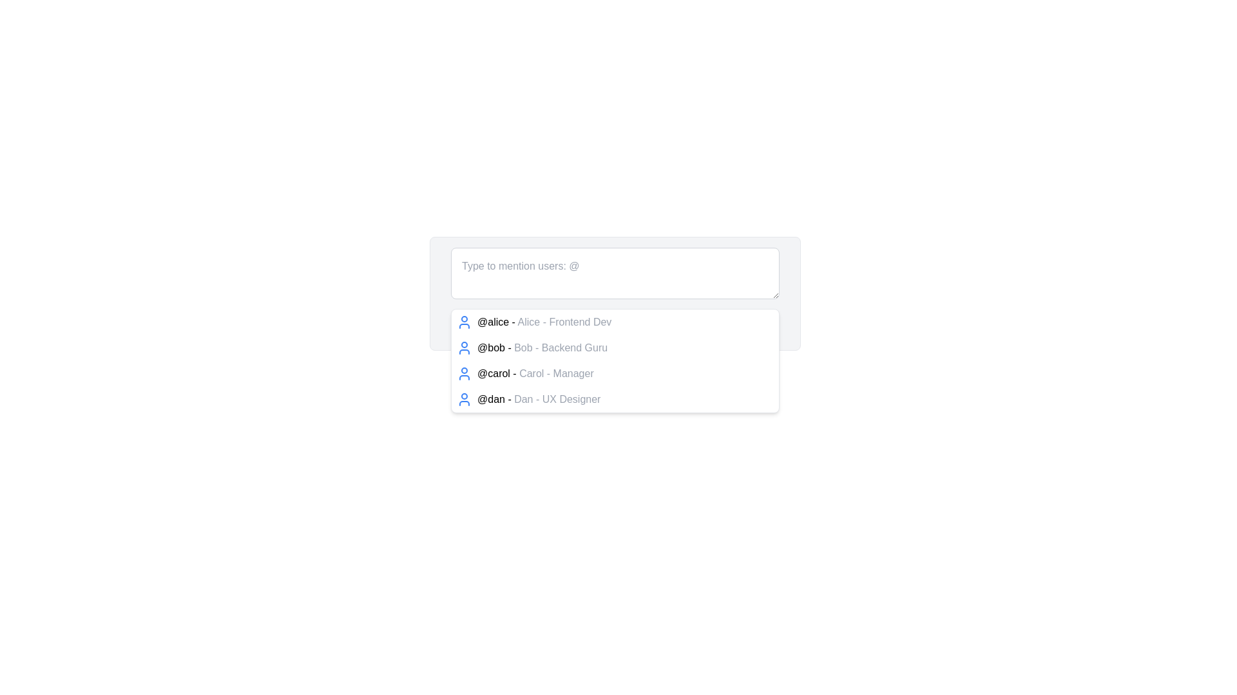 The width and height of the screenshot is (1237, 695). What do you see at coordinates (464, 322) in the screenshot?
I see `the user icon representing '@alice'` at bounding box center [464, 322].